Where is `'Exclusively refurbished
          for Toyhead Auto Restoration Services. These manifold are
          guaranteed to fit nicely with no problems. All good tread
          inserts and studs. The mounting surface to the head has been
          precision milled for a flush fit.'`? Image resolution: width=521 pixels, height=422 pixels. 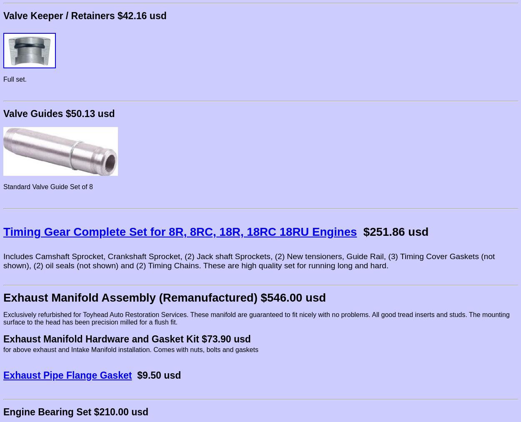 'Exclusively refurbished
          for Toyhead Auto Restoration Services. These manifold are
          guaranteed to fit nicely with no problems. All good tread
          inserts and studs. The mounting surface to the head has been
          precision milled for a flush fit.' is located at coordinates (3, 318).